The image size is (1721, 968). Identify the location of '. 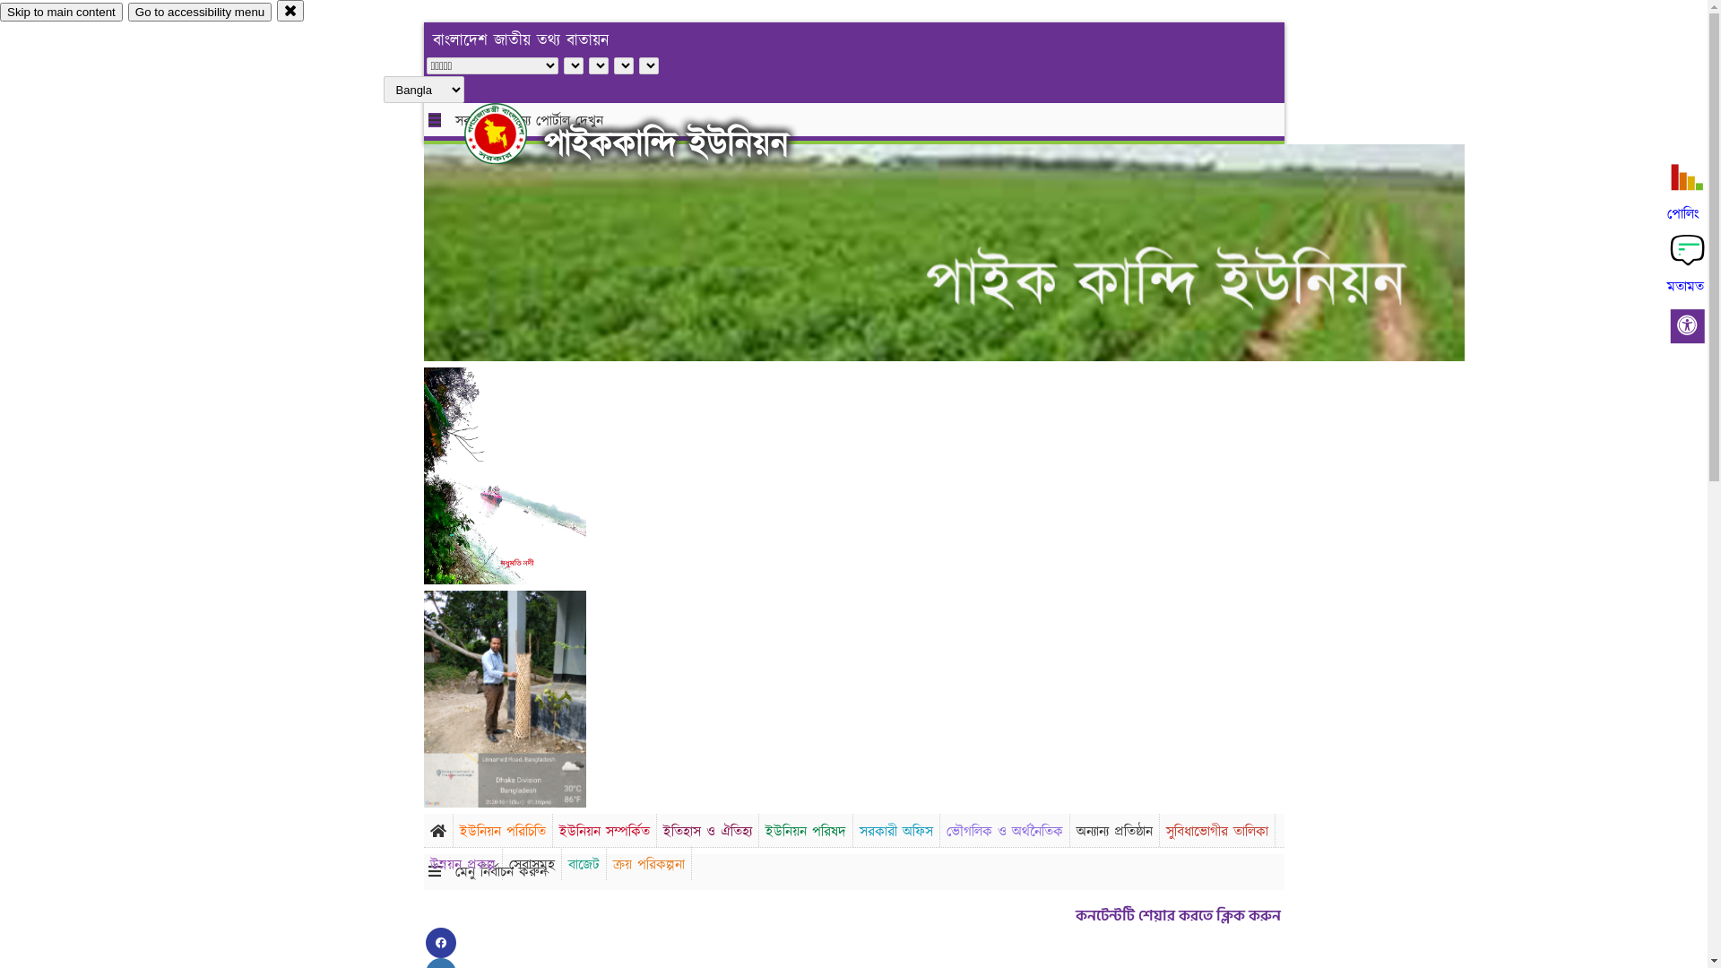
(510, 133).